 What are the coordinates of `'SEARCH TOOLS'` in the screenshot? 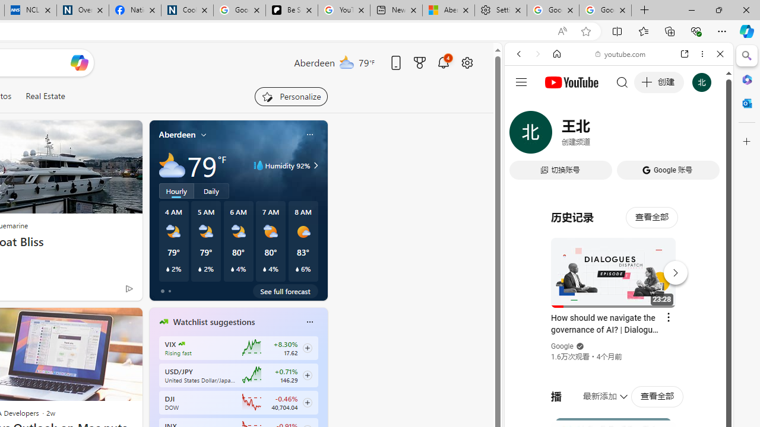 It's located at (648, 135).